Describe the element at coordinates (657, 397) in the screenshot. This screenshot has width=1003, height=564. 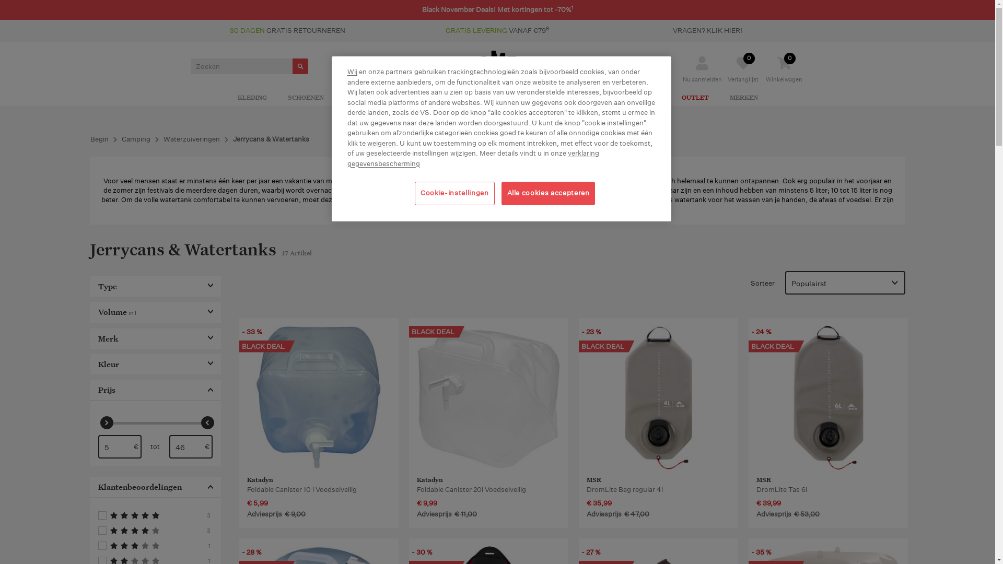
I see `'MSR DromLite Tas Regular '` at that location.